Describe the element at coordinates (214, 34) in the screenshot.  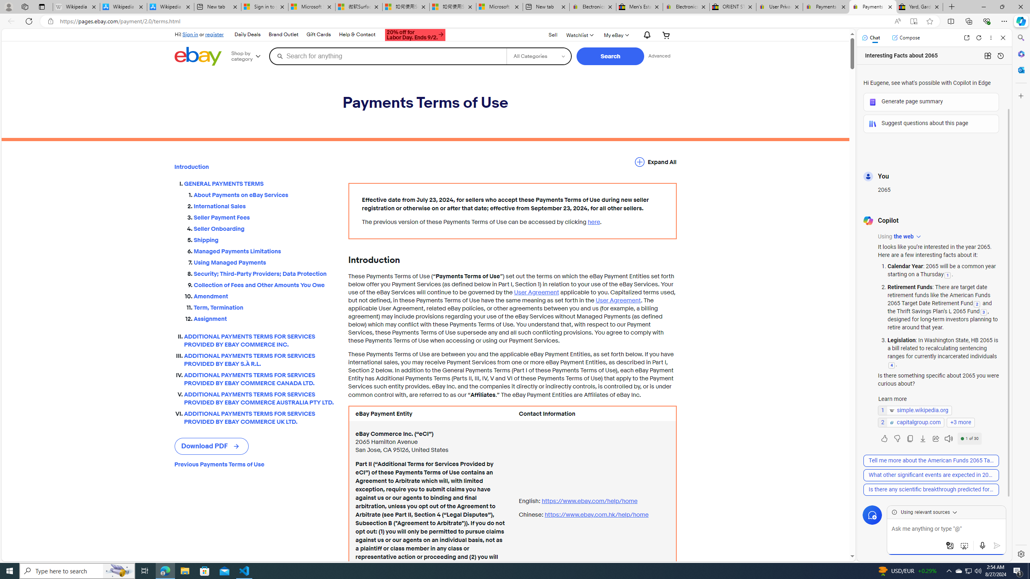
I see `'register'` at that location.